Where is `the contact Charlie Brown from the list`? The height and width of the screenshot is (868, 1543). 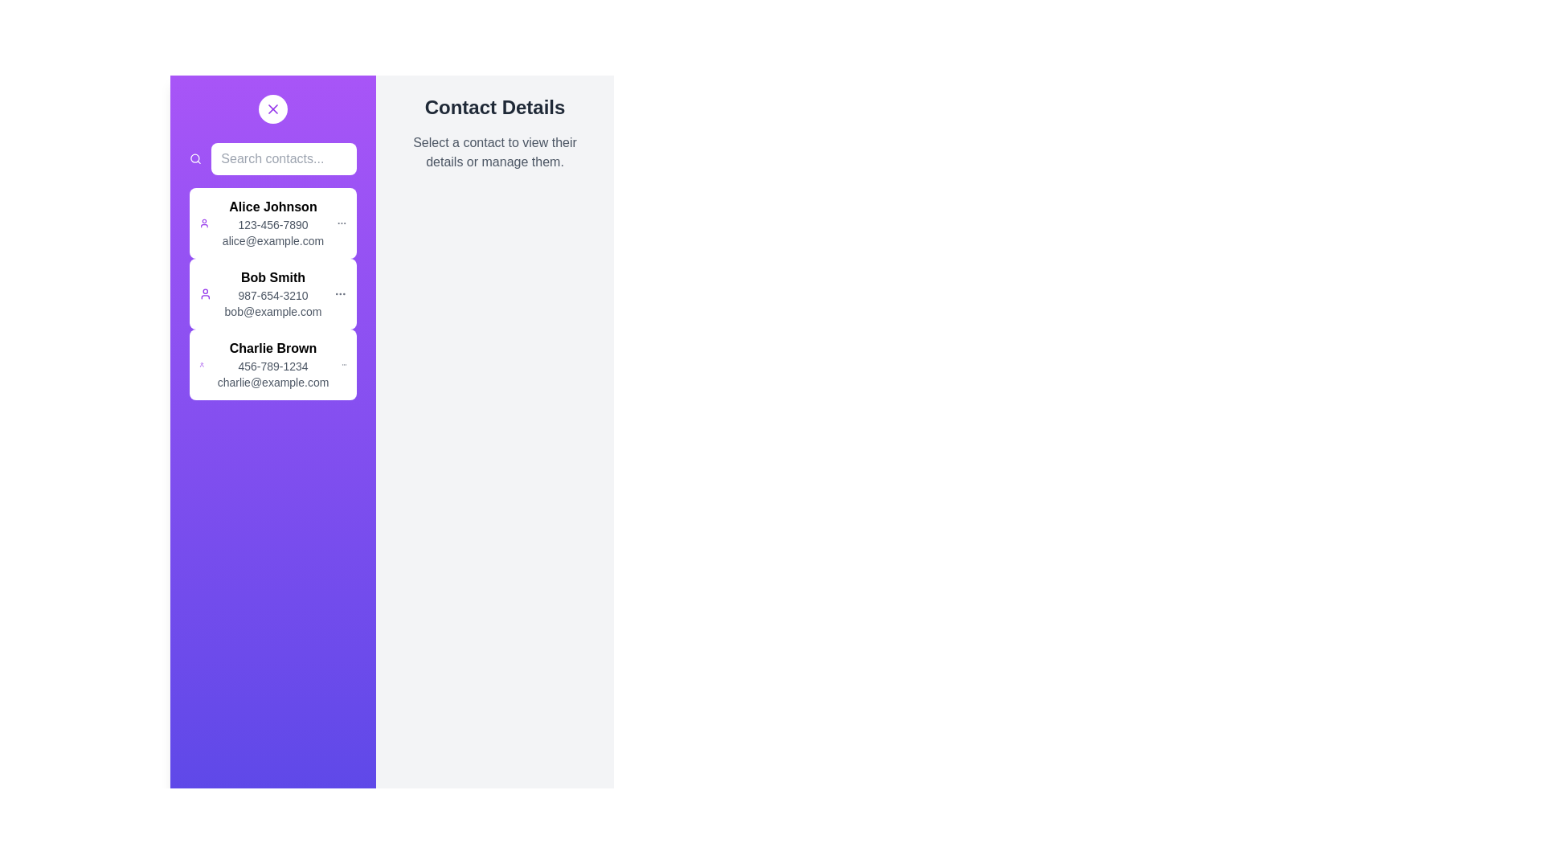 the contact Charlie Brown from the list is located at coordinates (273, 365).